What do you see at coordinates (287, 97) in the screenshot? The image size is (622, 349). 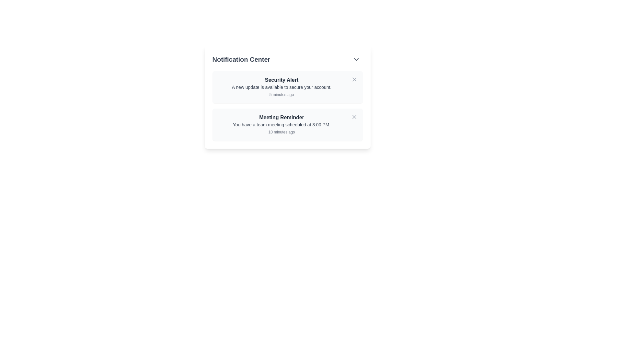 I see `to interact with the first notification entry in the Notification Center, which has a white background and rounded corners, located near the center top of the notification panel` at bounding box center [287, 97].